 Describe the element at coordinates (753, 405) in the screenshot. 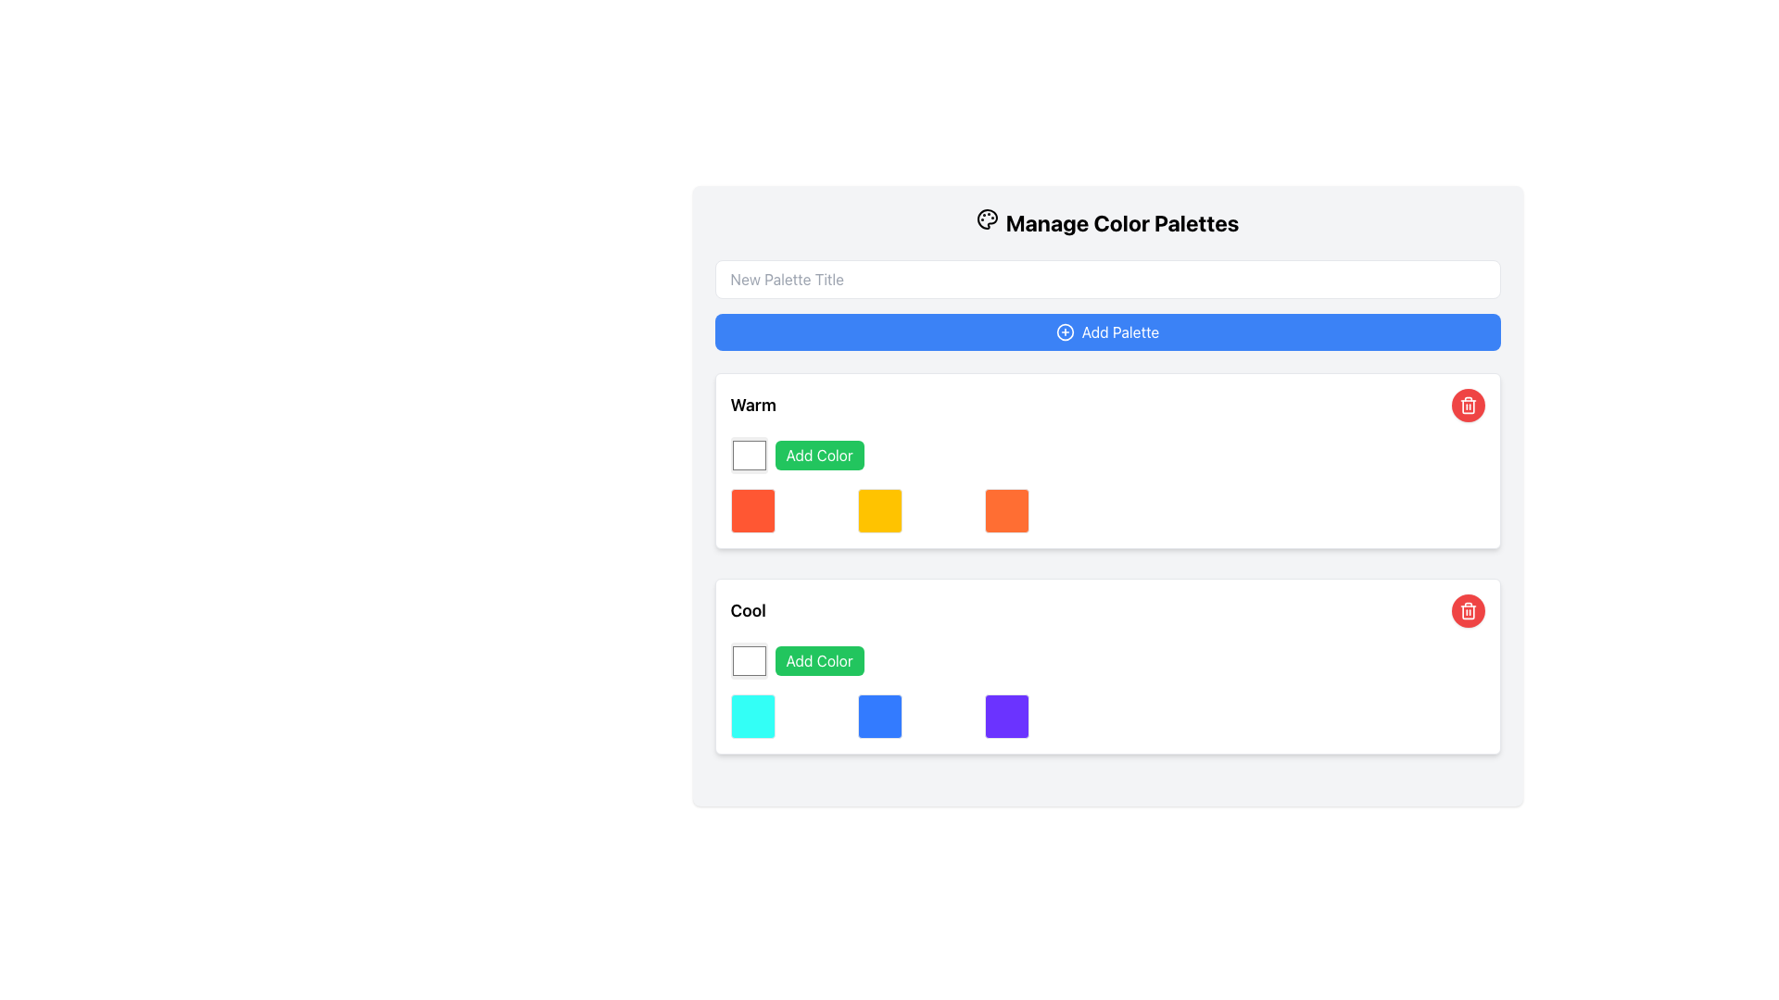

I see `the 'Warm' palette section's Text Label, which identifies the color palette group and is positioned above the colored boxes and 'Add Color' button` at that location.